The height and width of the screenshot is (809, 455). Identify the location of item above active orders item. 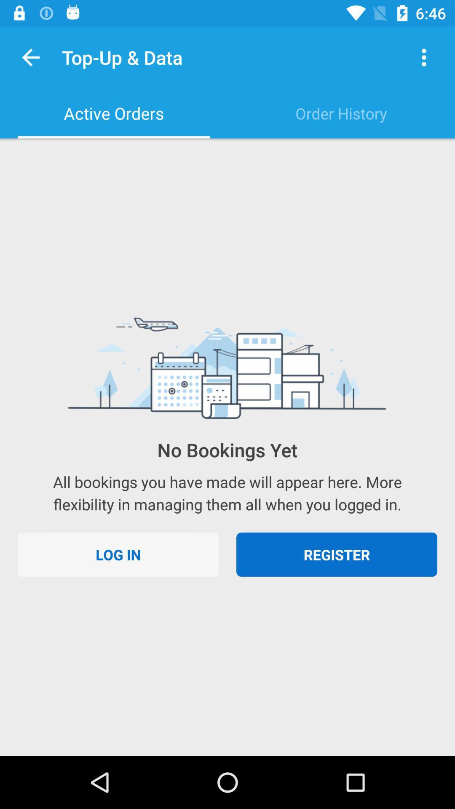
(30, 57).